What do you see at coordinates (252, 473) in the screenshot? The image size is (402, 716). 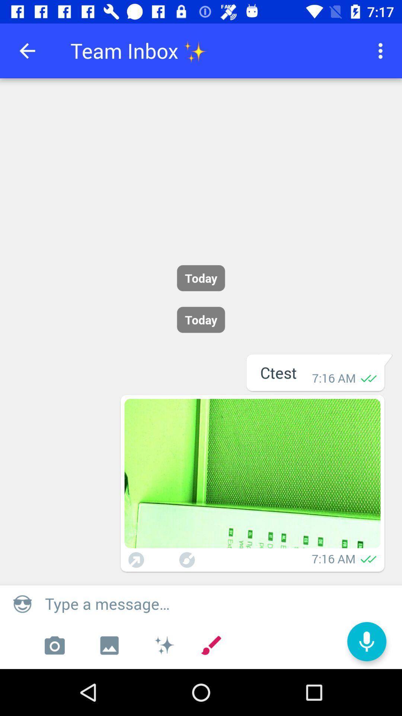 I see `whatsapp chat` at bounding box center [252, 473].